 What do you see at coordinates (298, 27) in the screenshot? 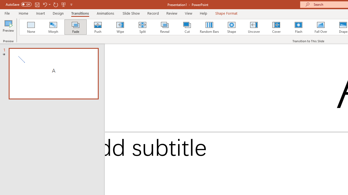
I see `'Flash'` at bounding box center [298, 27].